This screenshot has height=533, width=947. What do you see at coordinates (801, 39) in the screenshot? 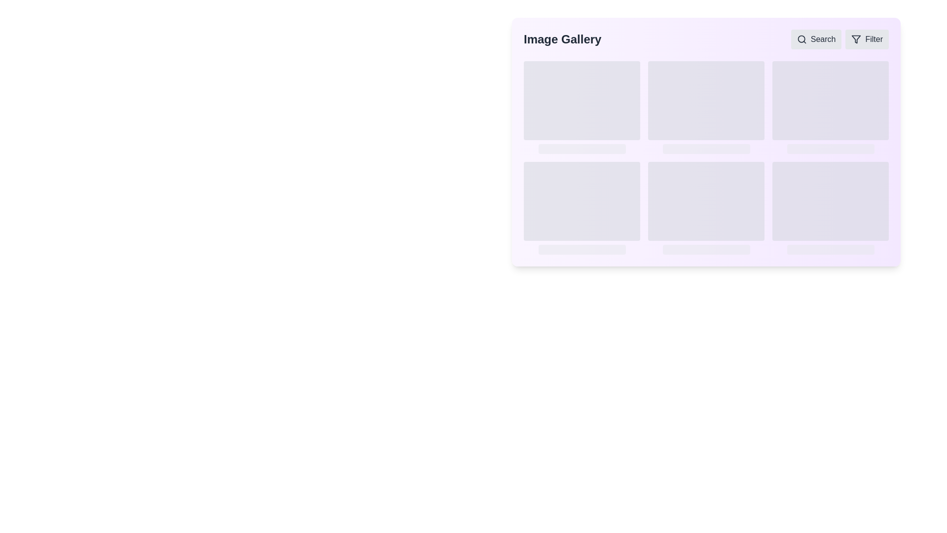
I see `the search icon represented by a magnifying glass, which is styled with a gray hue and located within the 'Search' button in the top-right corner of the interface` at bounding box center [801, 39].